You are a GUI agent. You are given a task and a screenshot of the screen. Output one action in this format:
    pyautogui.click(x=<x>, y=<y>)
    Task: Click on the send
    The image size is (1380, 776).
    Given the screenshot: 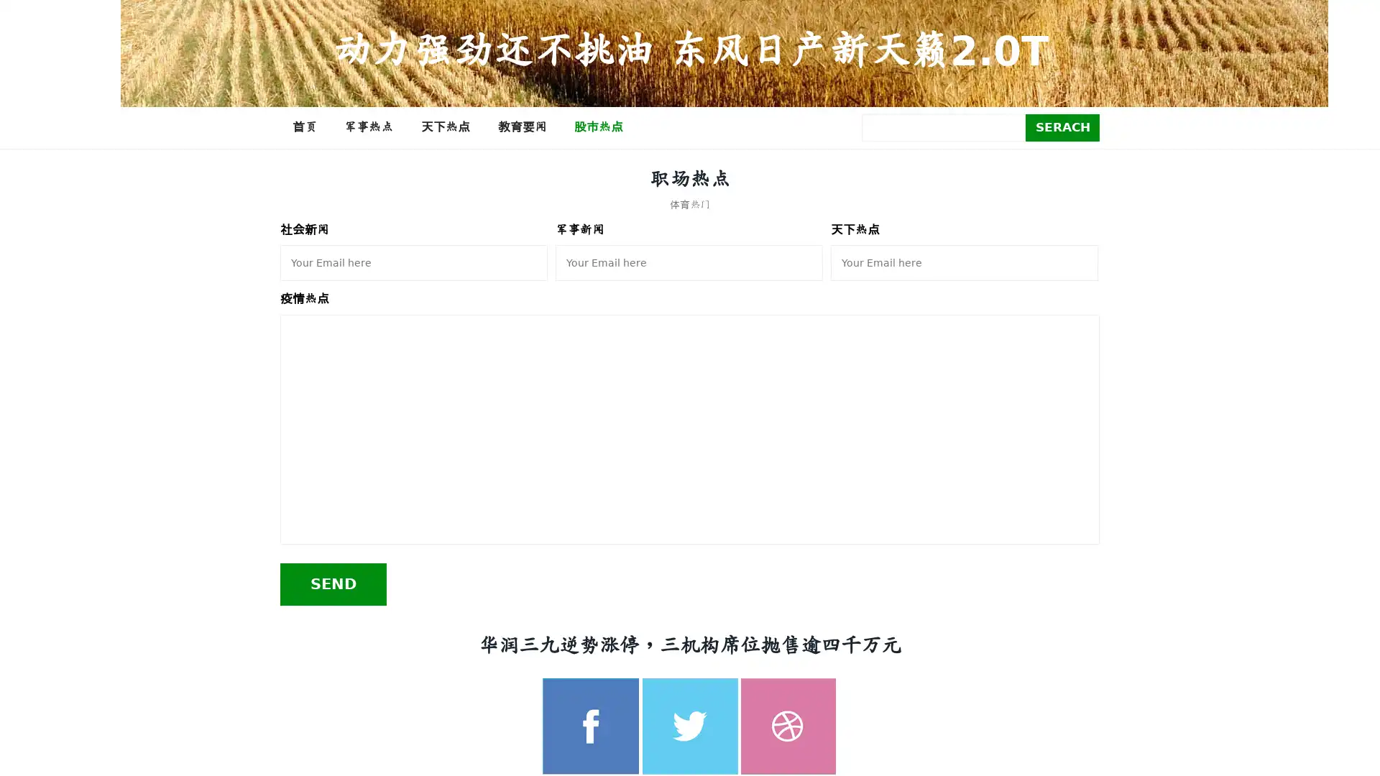 What is the action you would take?
    pyautogui.click(x=333, y=583)
    